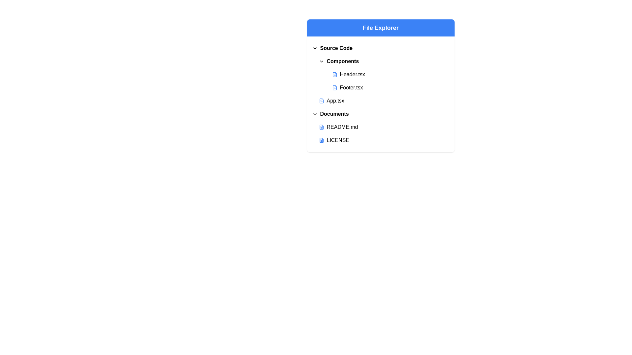  I want to click on the downward-facing chevron icon in the 'Source Code' section, so click(314, 48).